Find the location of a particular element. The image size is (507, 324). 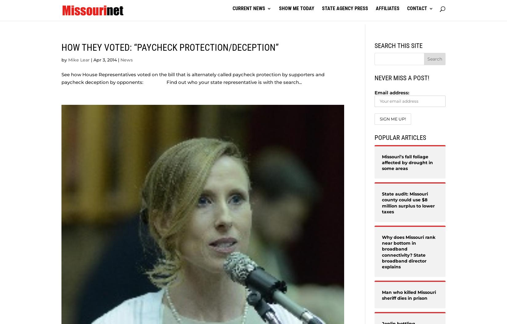

'Mike Lear' is located at coordinates (79, 59).